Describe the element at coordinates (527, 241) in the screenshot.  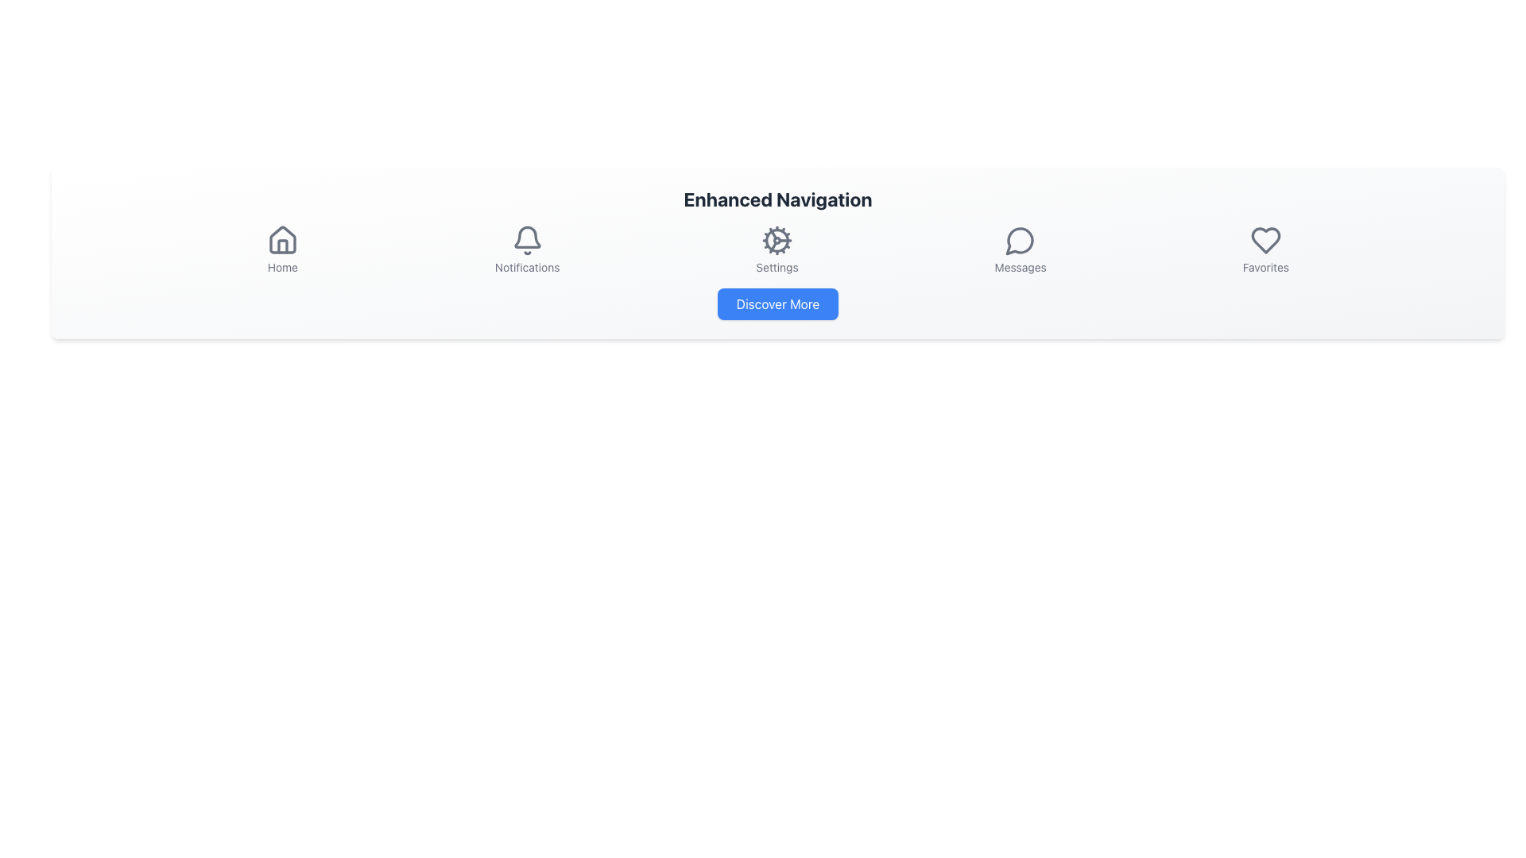
I see `the notification icon located in the navigation bar, which is the second element from the left, positioned between 'Home' and 'Settings'` at that location.